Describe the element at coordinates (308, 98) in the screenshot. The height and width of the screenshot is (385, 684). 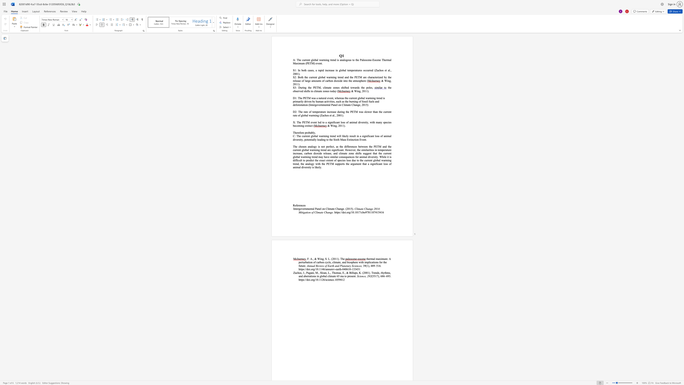
I see `the subset text "M was a natural event" within the text "D1: The PETM was a natural event,"` at that location.